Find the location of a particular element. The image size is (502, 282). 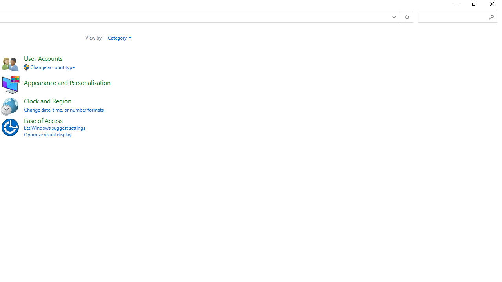

'Restore' is located at coordinates (473, 6).